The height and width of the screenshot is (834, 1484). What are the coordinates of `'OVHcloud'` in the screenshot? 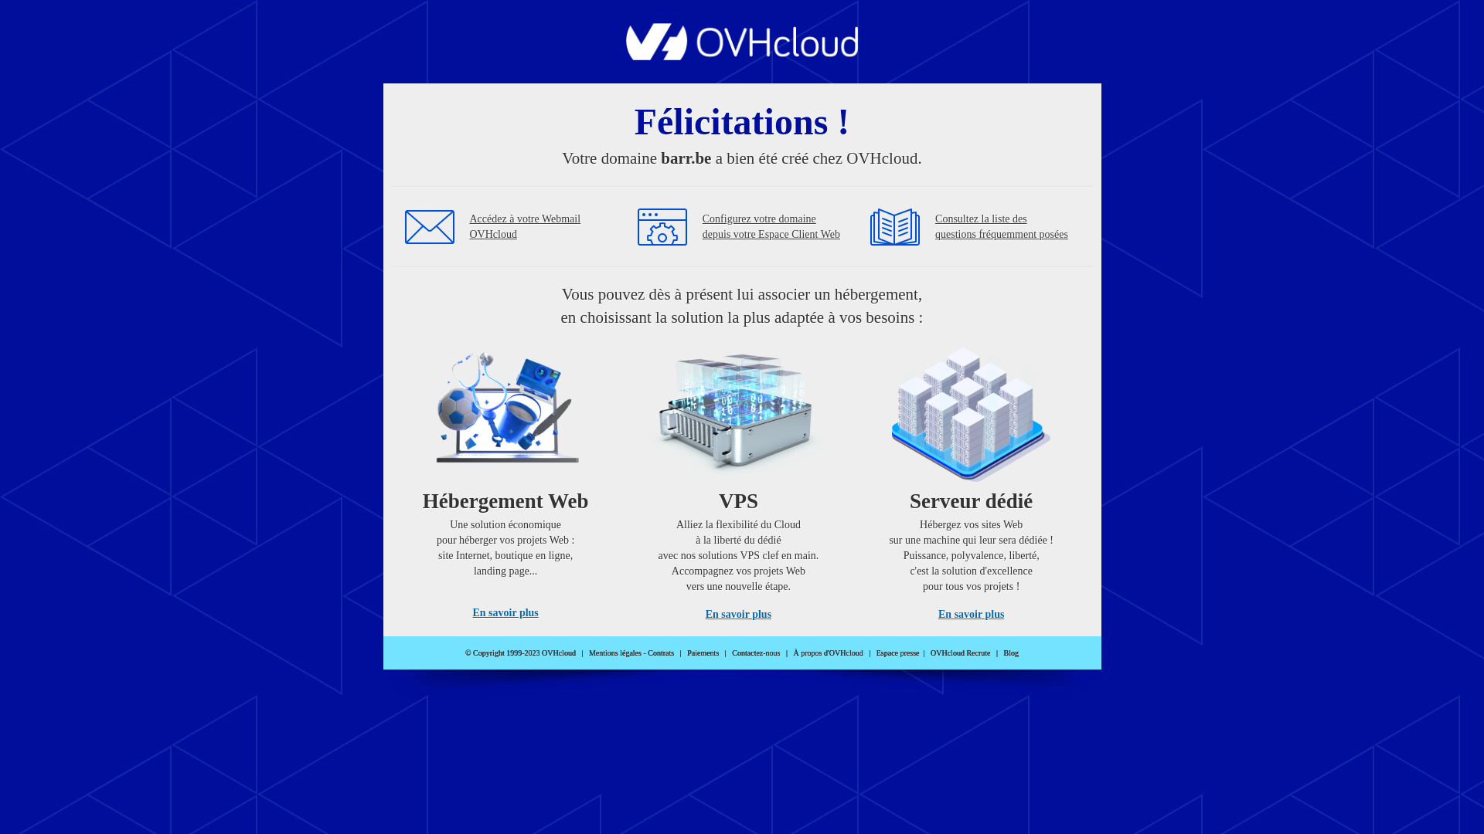 It's located at (742, 55).